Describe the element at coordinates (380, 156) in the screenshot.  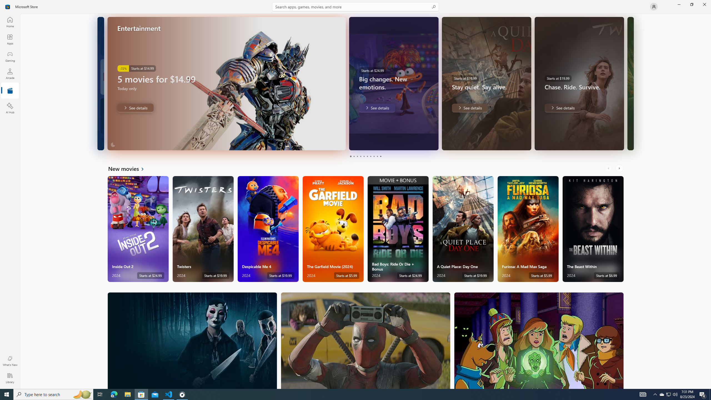
I see `'Page 10'` at that location.